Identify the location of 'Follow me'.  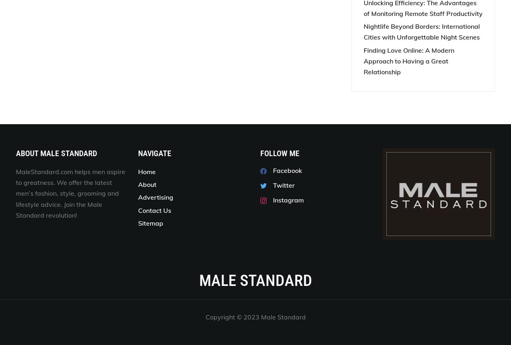
(280, 153).